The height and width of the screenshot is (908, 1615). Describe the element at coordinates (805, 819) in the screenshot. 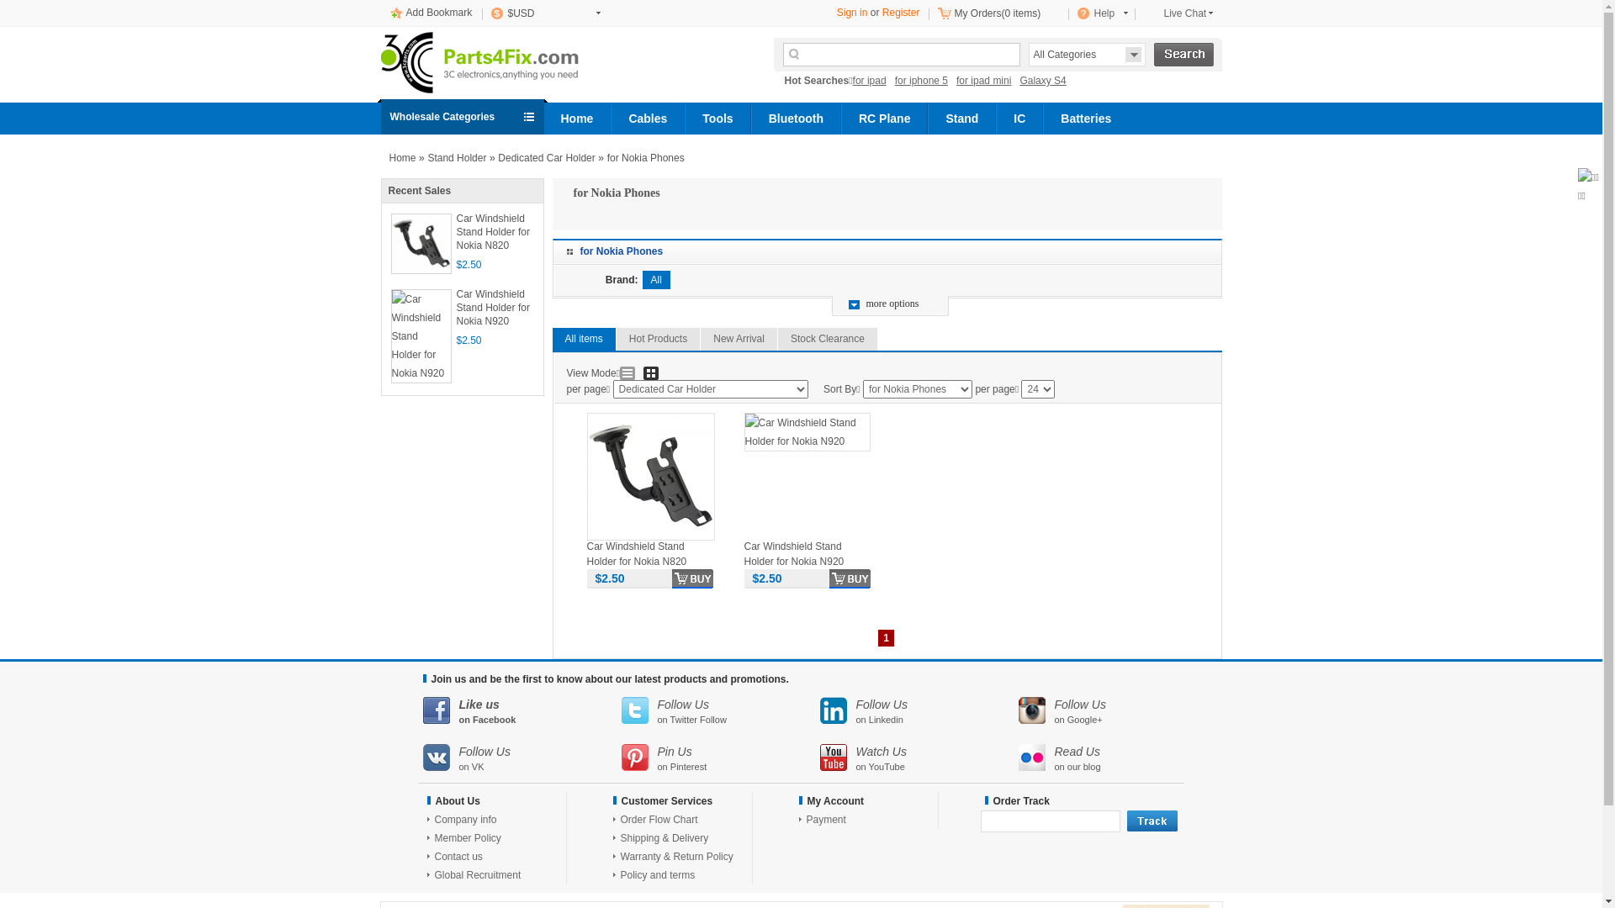

I see `'Payment'` at that location.